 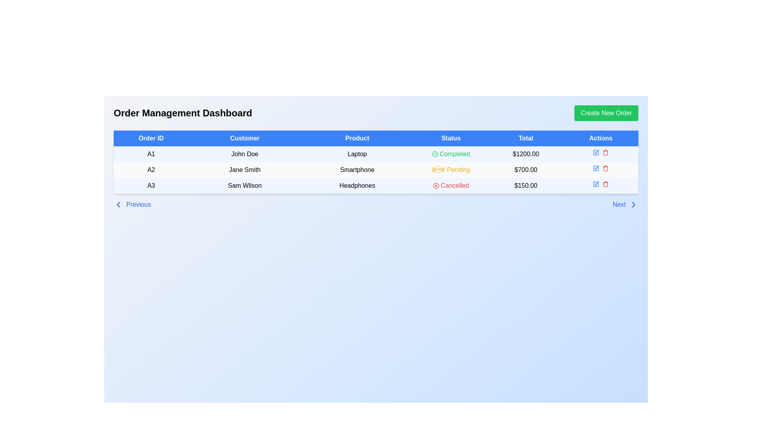 I want to click on the icon button resembling a pen or pencil located in the 'Actions' column, so click(x=597, y=152).